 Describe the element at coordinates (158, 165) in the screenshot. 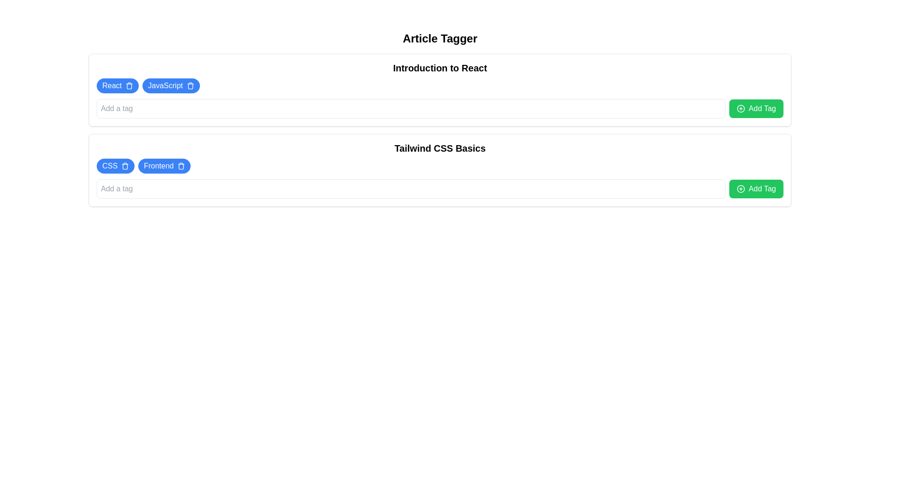

I see `text label displaying 'Frontend' which is styled with a blue background and white text, located to the right of the 'CSS' tag in the second group of tags` at that location.